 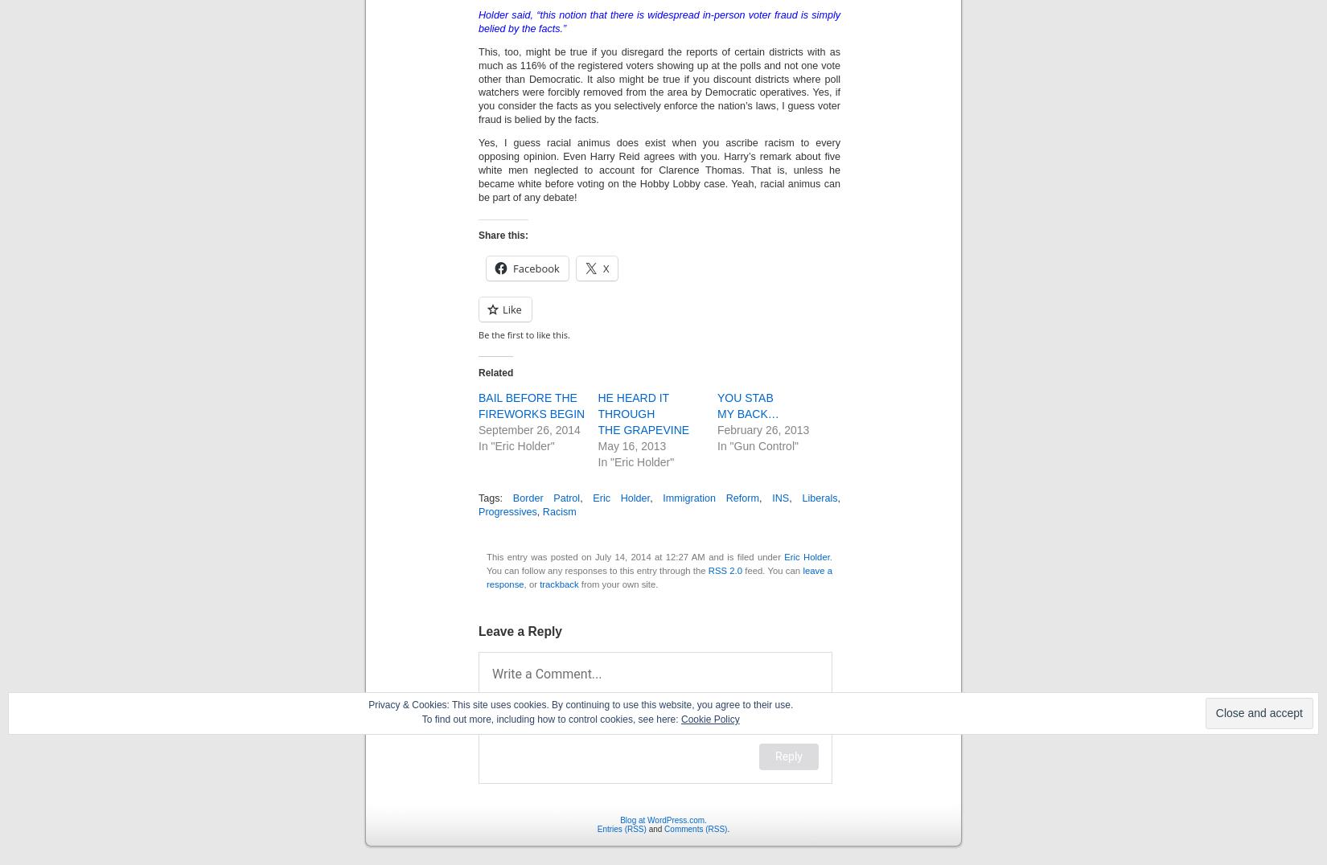 What do you see at coordinates (511, 498) in the screenshot?
I see `'Border Patrol'` at bounding box center [511, 498].